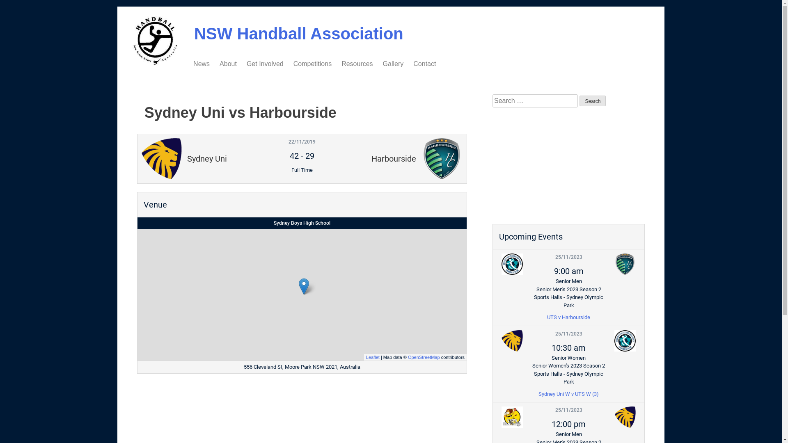 This screenshot has height=443, width=788. What do you see at coordinates (408, 356) in the screenshot?
I see `'OpenStreetMap'` at bounding box center [408, 356].